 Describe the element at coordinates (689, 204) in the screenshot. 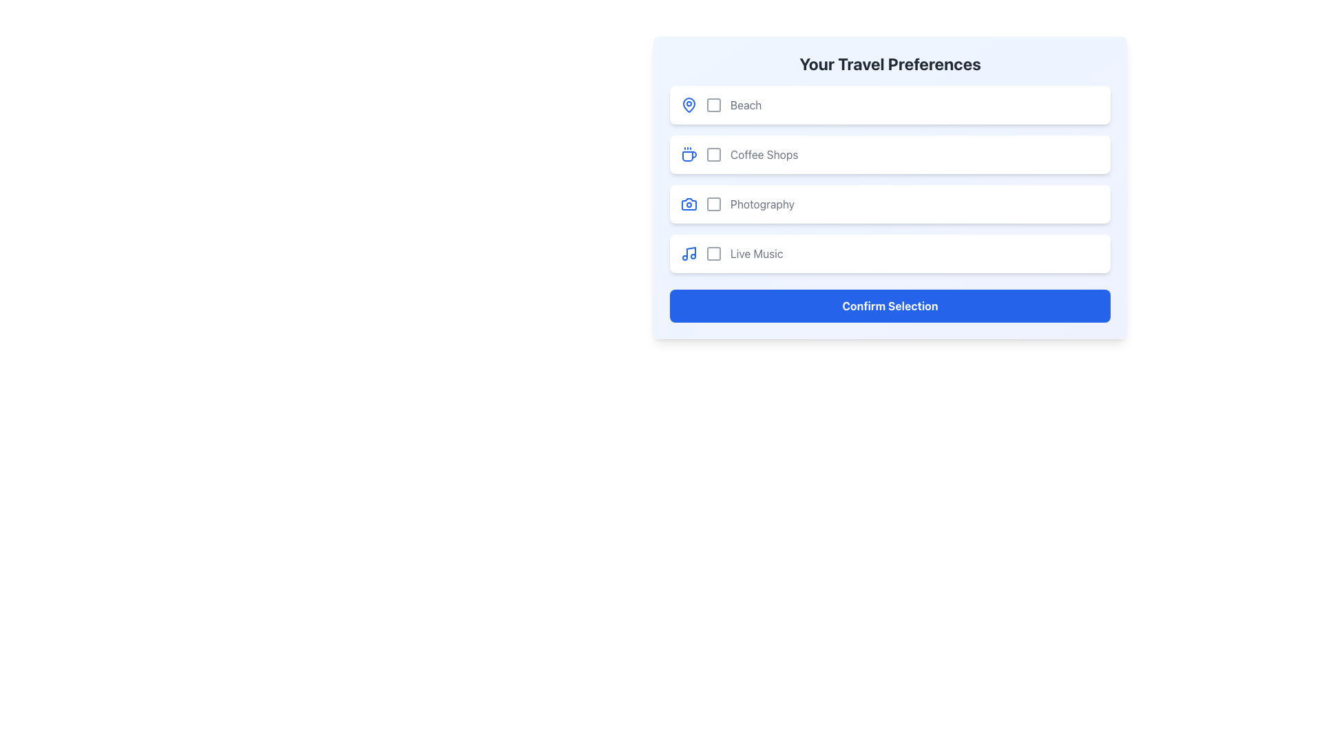

I see `the photography icon located to the left of the 'Photography' text in the travel preferences selection interface` at that location.